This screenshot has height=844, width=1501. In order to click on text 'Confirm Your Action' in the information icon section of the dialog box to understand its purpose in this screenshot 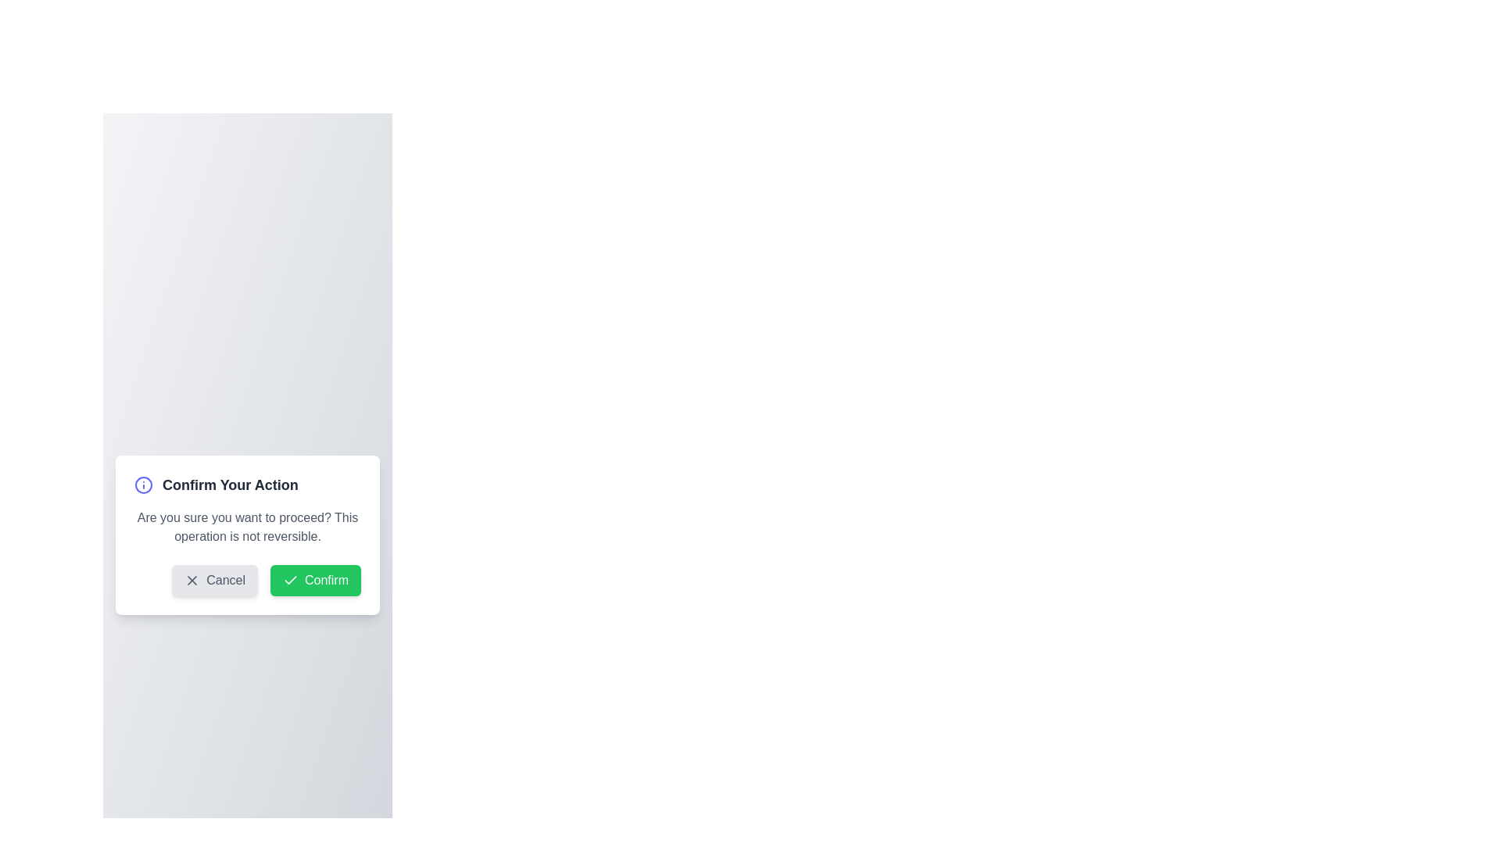, I will do `click(246, 485)`.